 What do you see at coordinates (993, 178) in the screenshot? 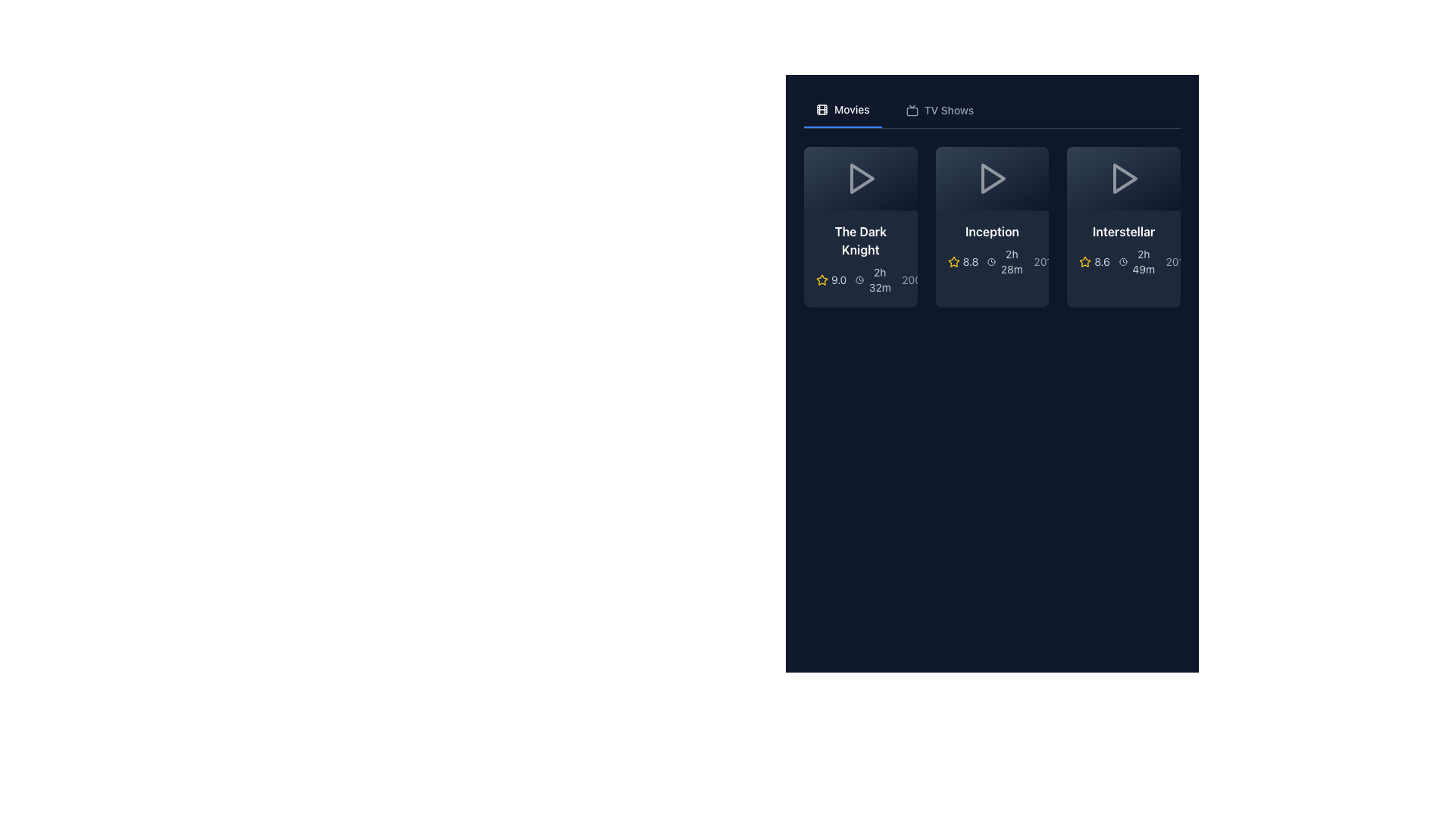
I see `the play button SVG graphical element located in the upper section of the 'Inception' movie card to initiate playback` at bounding box center [993, 178].